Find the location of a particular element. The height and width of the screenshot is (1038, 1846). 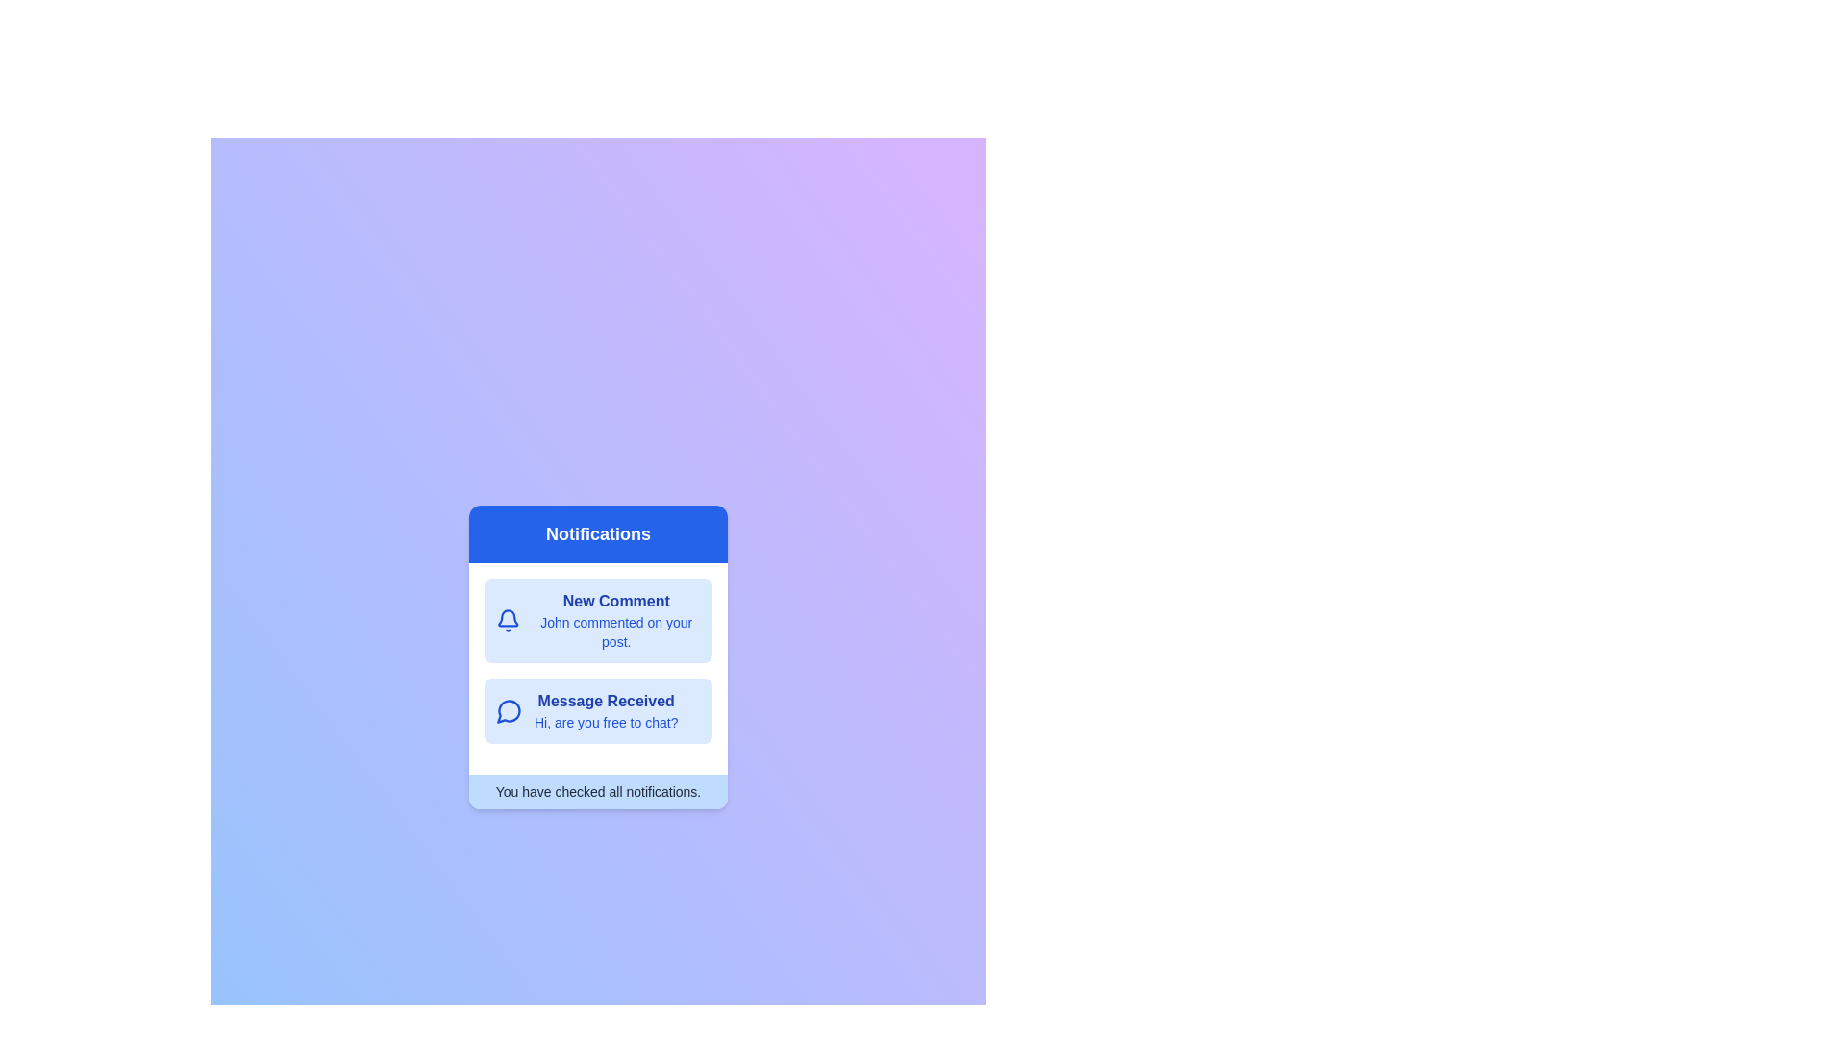

the notification titled 'New Comment' is located at coordinates (597, 620).